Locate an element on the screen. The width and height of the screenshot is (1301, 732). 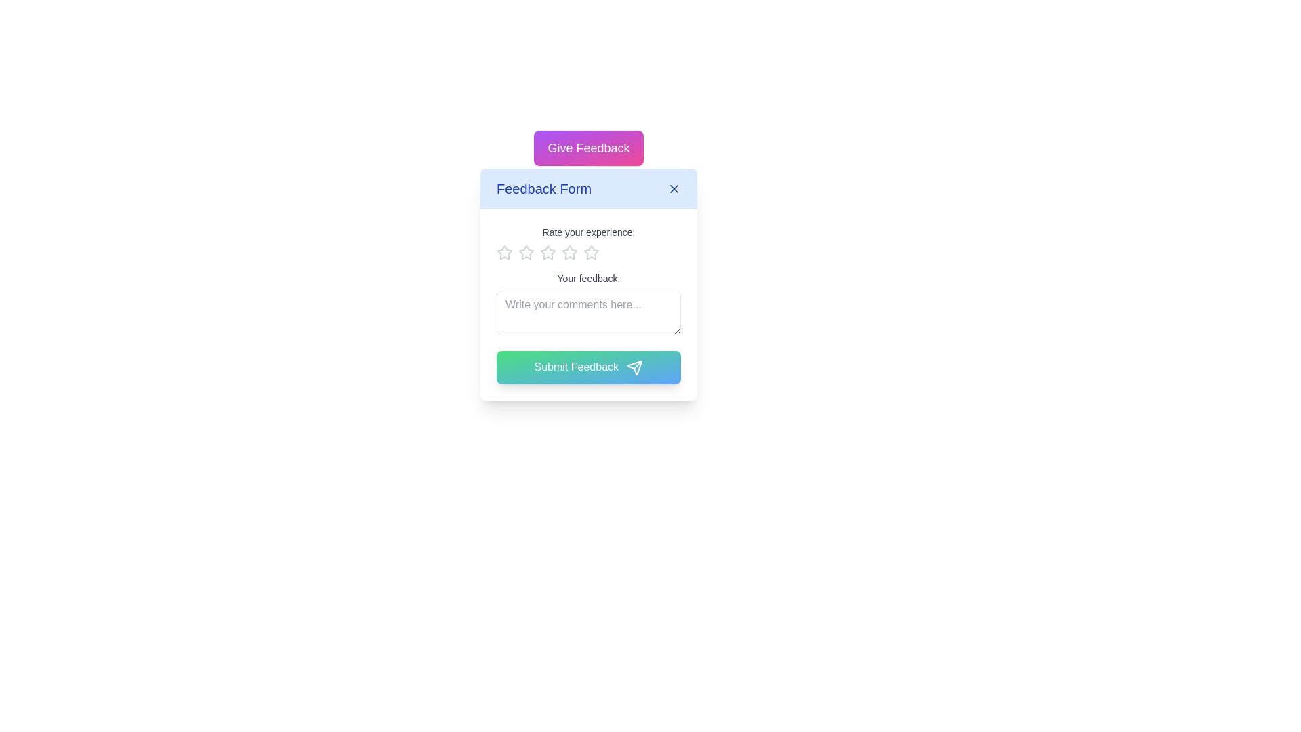
the fourth Rating Star Icon in the 'Rate your experience' section is located at coordinates (592, 252).